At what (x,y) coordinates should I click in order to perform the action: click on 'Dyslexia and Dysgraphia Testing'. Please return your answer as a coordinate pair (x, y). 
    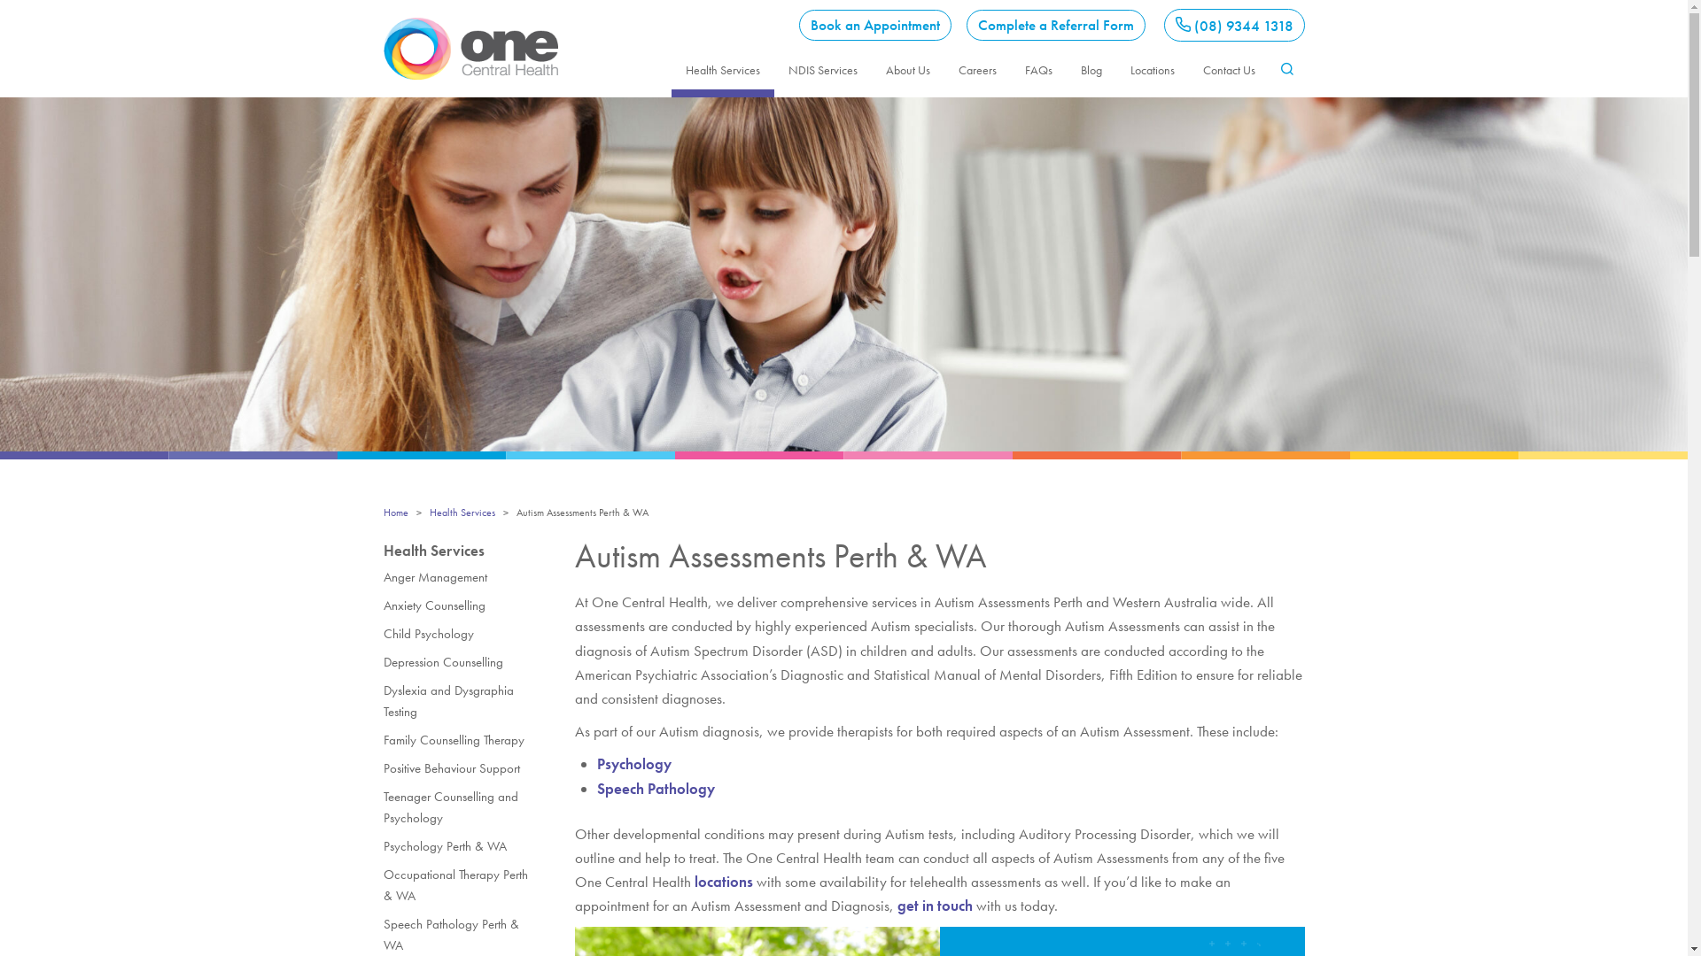
    Looking at the image, I should click on (460, 699).